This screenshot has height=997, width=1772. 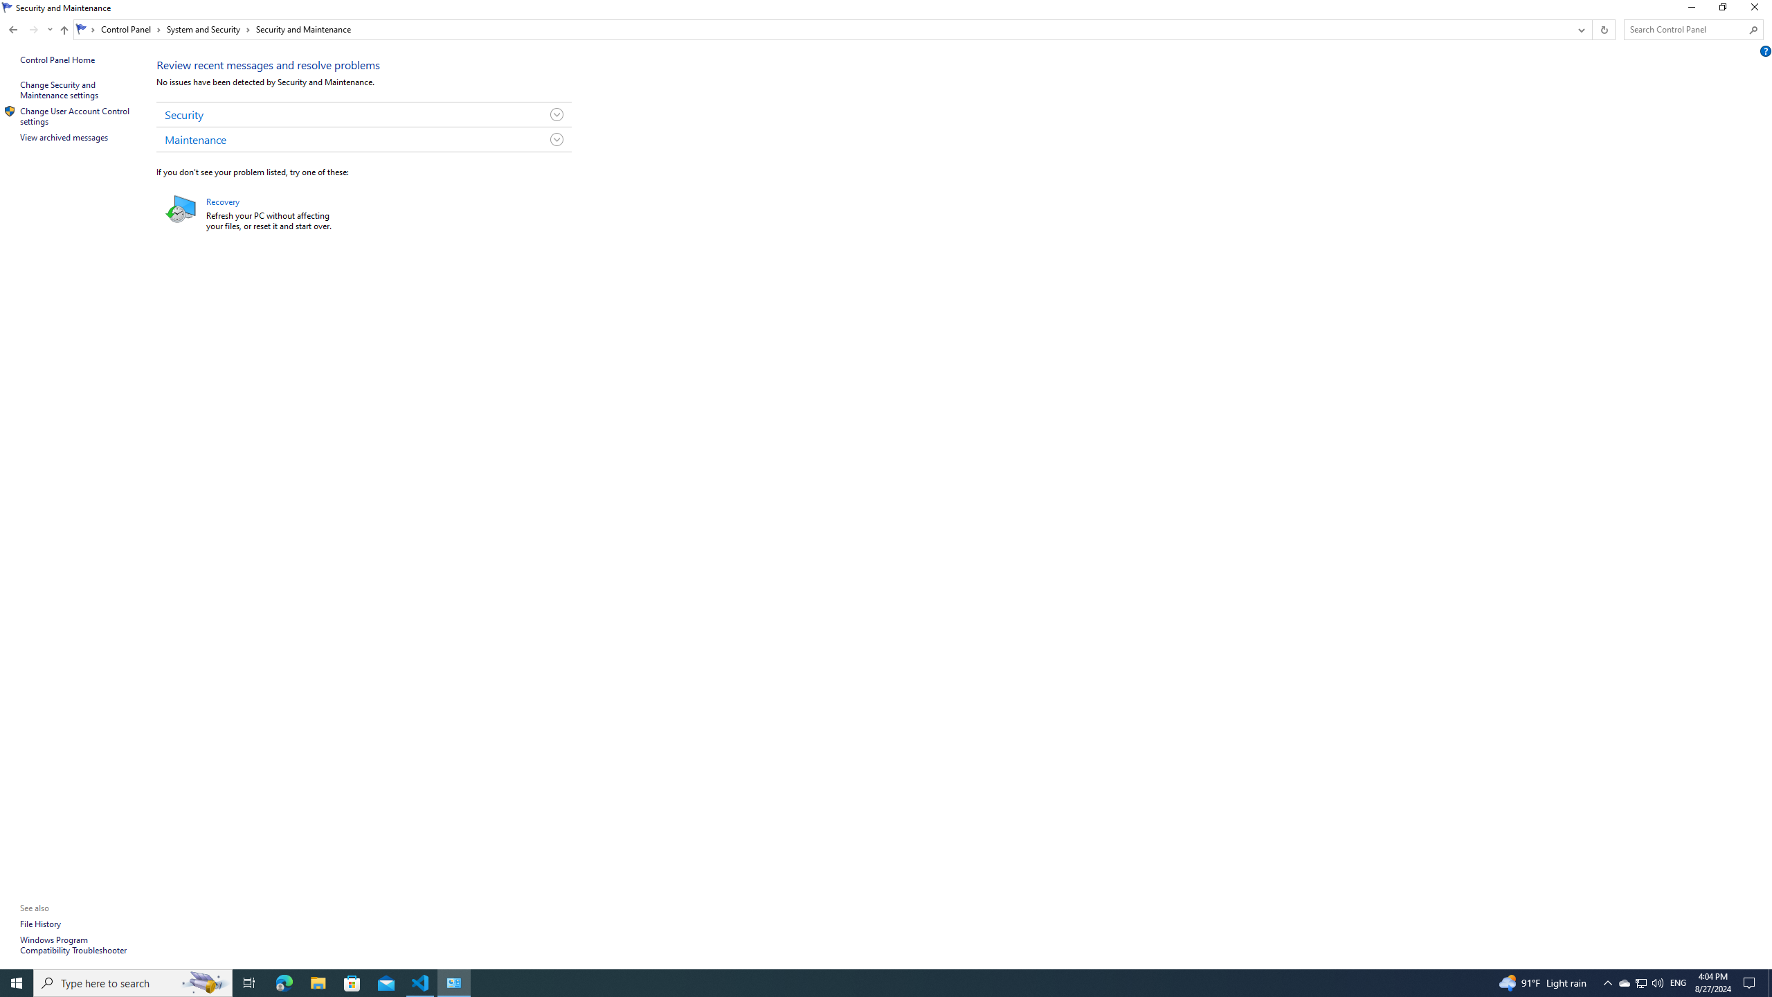 What do you see at coordinates (222, 201) in the screenshot?
I see `'Recovery'` at bounding box center [222, 201].